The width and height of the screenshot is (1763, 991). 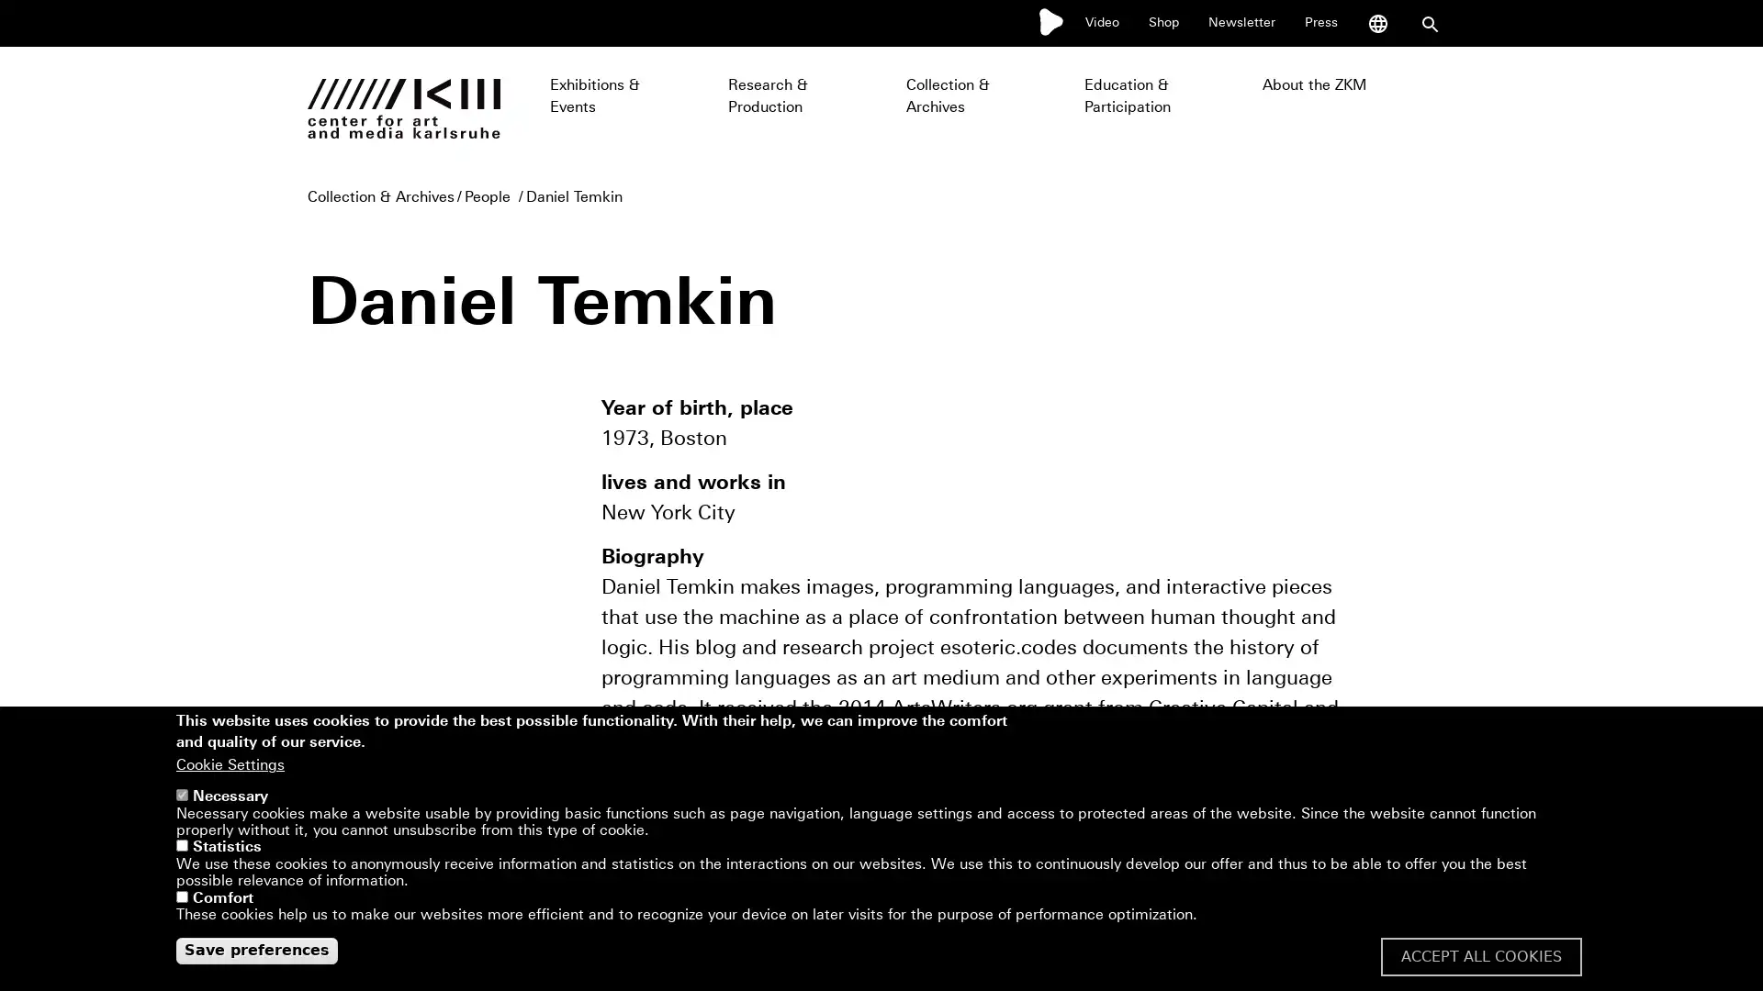 What do you see at coordinates (1481, 955) in the screenshot?
I see `ACCEPT ALL COOKIES` at bounding box center [1481, 955].